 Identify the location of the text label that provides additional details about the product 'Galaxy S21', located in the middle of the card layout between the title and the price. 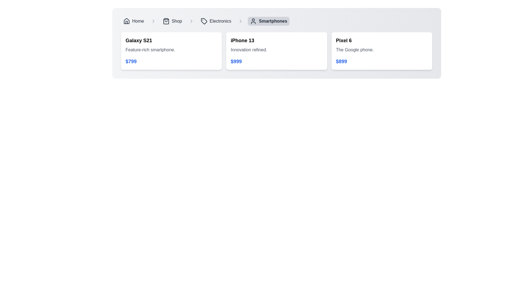
(150, 50).